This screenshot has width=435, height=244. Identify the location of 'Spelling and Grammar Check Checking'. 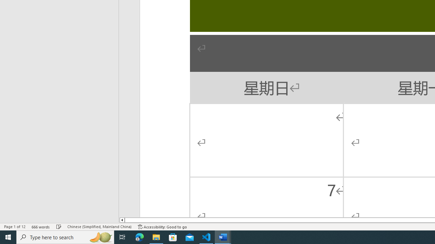
(59, 227).